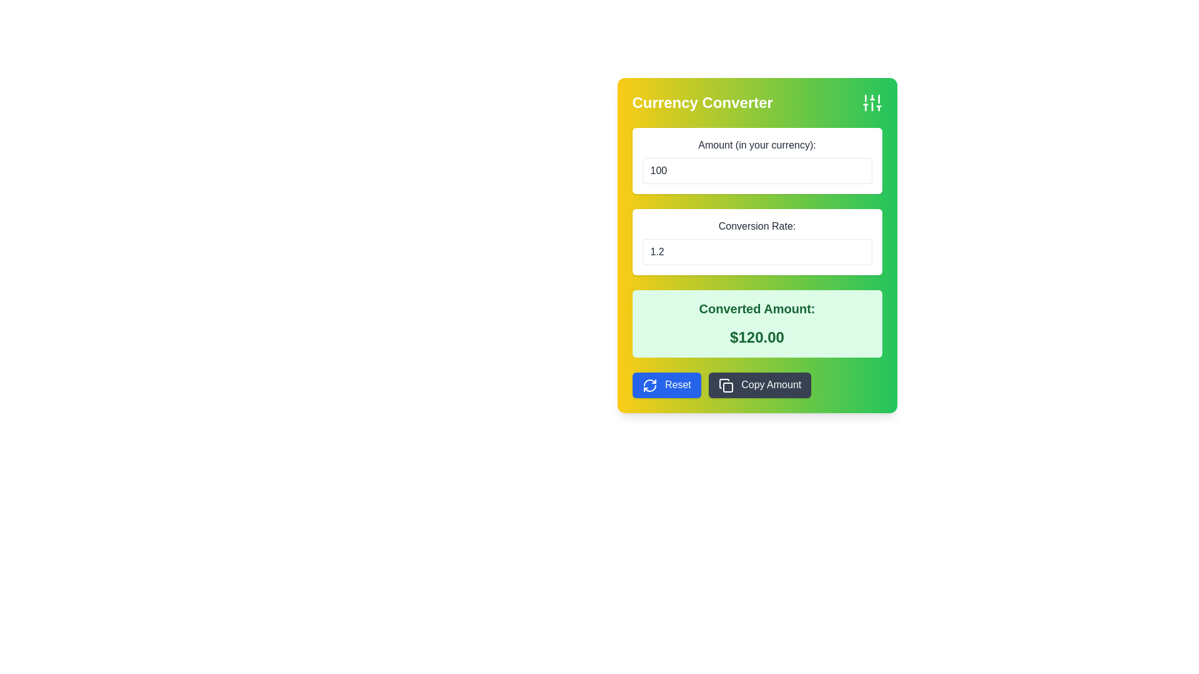 Image resolution: width=1199 pixels, height=674 pixels. I want to click on the light green output display box labeled 'Converted Amount:' which contains the value '$120.00', so click(756, 323).